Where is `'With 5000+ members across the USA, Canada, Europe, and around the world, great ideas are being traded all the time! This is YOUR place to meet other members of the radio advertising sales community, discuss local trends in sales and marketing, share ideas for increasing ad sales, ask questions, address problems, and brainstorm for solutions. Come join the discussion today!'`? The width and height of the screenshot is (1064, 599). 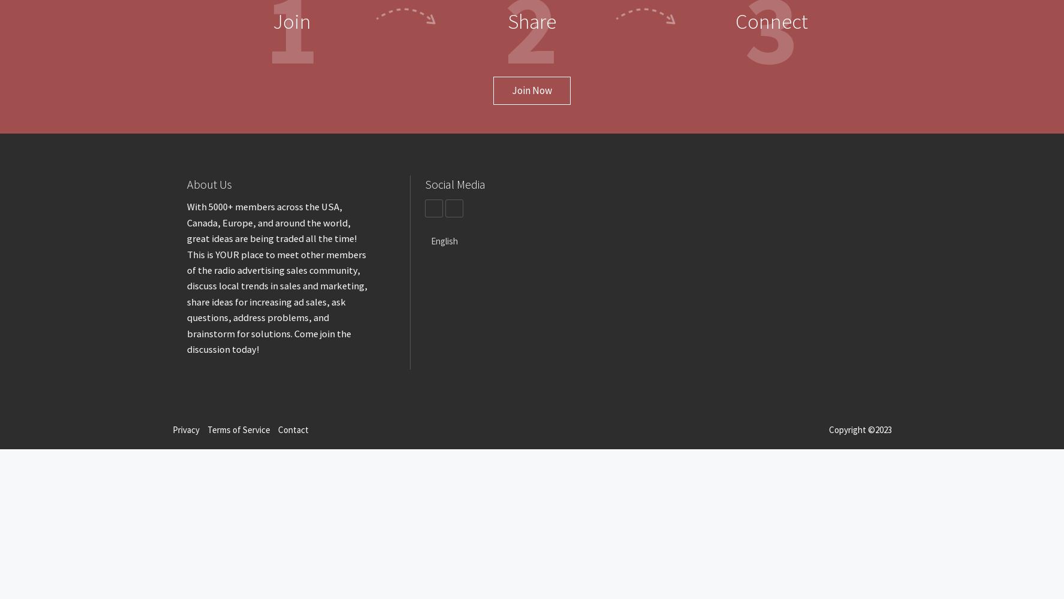
'With 5000+ members across the USA, Canada, Europe, and around the world, great ideas are being traded all the time! This is YOUR place to meet other members of the radio advertising sales community, discuss local trends in sales and marketing, share ideas for increasing ad sales, ask questions, address problems, and brainstorm for solutions. Come join the discussion today!' is located at coordinates (276, 277).